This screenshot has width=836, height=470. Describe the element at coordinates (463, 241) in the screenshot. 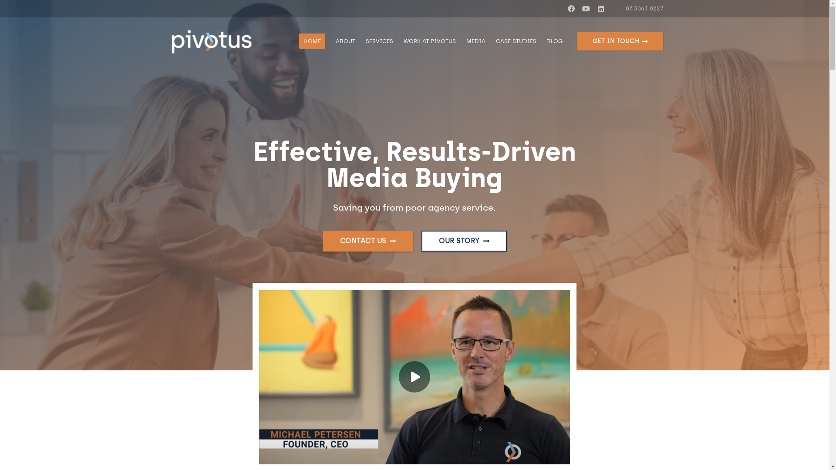

I see `'OUR STORY'` at that location.